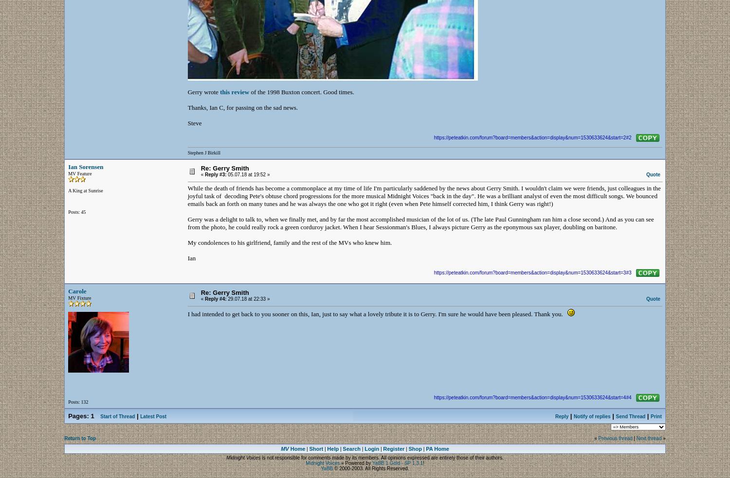 Image resolution: width=730 pixels, height=478 pixels. I want to click on 'YaBB', so click(327, 468).